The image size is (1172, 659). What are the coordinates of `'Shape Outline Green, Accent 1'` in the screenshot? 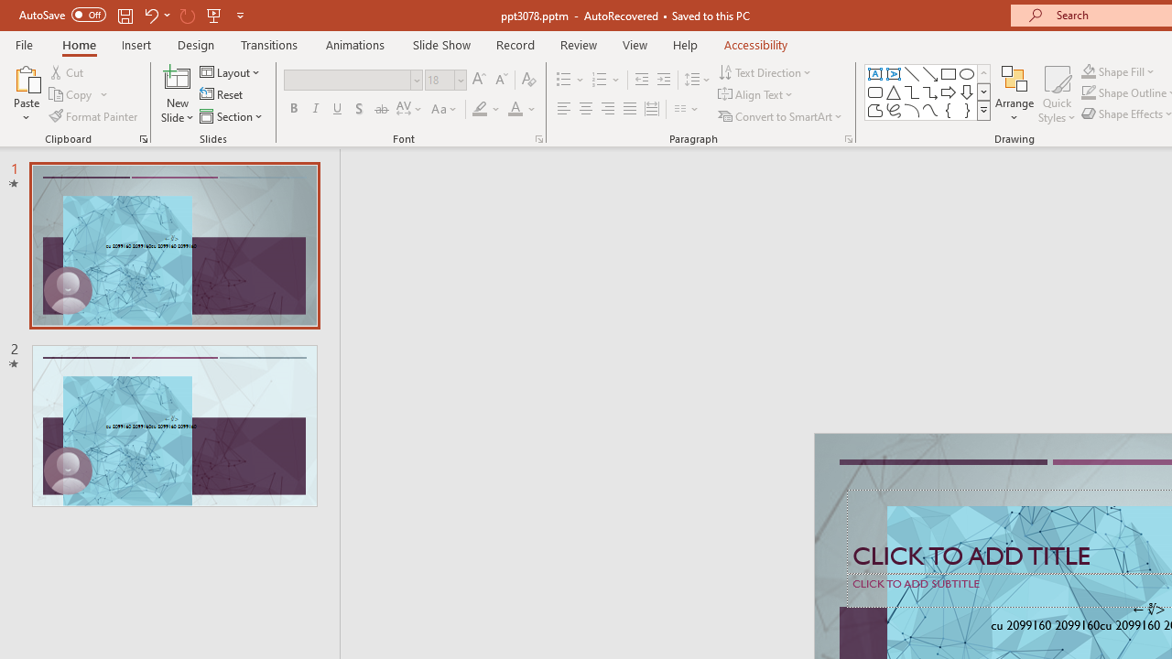 It's located at (1089, 92).